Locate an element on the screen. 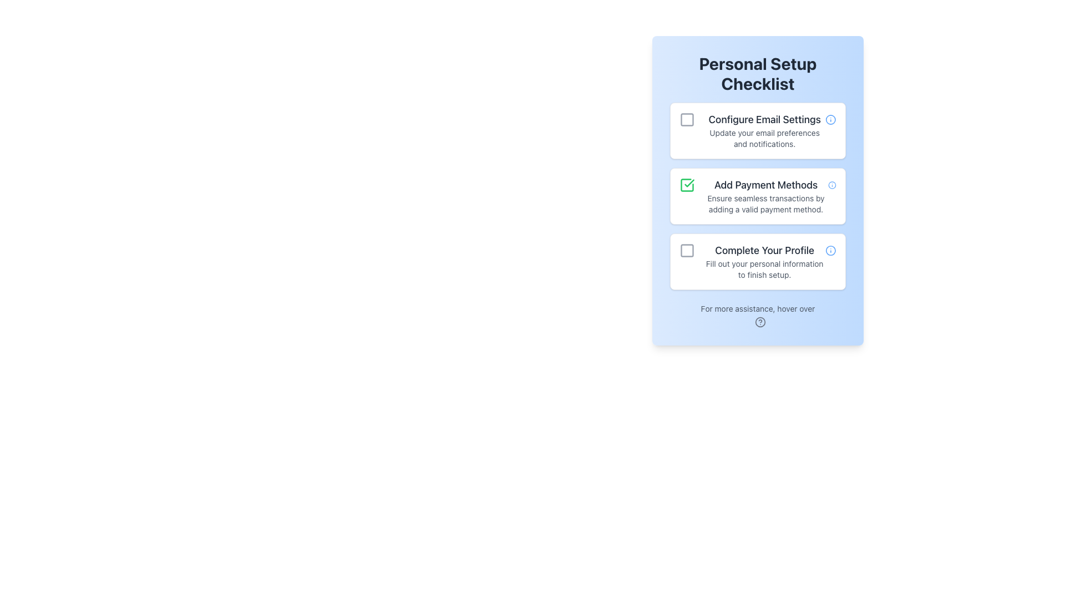 Image resolution: width=1065 pixels, height=599 pixels. the hollow square icon (Checkbox) located at the upper left corner of the 'Configure Email Settings' card, which is above the text 'Update your email preferences and notifications.' is located at coordinates (686, 120).